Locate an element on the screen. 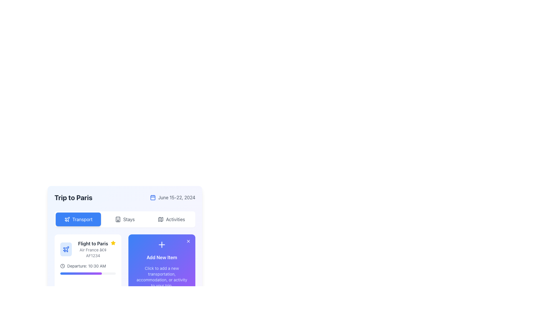 The width and height of the screenshot is (554, 311). the progress bar located beneath the 'Departure: 10:30 AM' label in the flight information card for 'Flight to Paris' is located at coordinates (88, 273).